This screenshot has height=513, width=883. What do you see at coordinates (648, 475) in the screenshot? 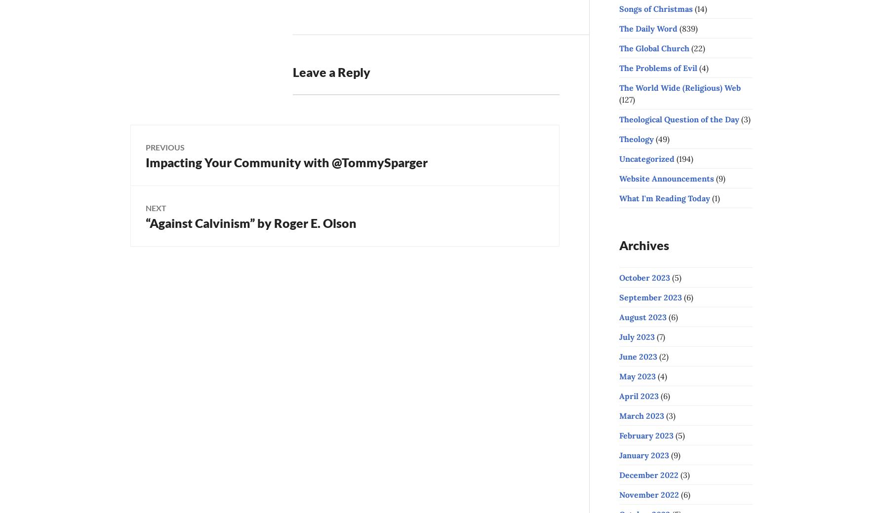
I see `'December 2022'` at bounding box center [648, 475].